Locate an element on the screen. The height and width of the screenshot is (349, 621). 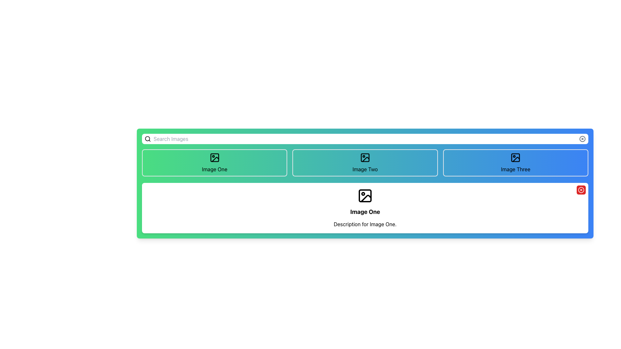
the image icon in the 'Image Three' section, which is represented by a square frame containing a circle and a slanted line is located at coordinates (515, 158).